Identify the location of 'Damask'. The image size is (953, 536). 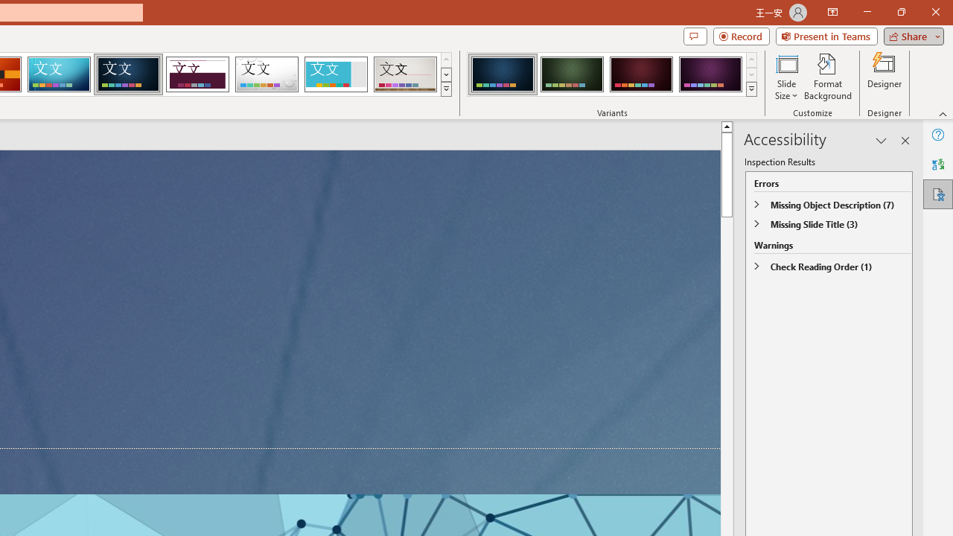
(128, 74).